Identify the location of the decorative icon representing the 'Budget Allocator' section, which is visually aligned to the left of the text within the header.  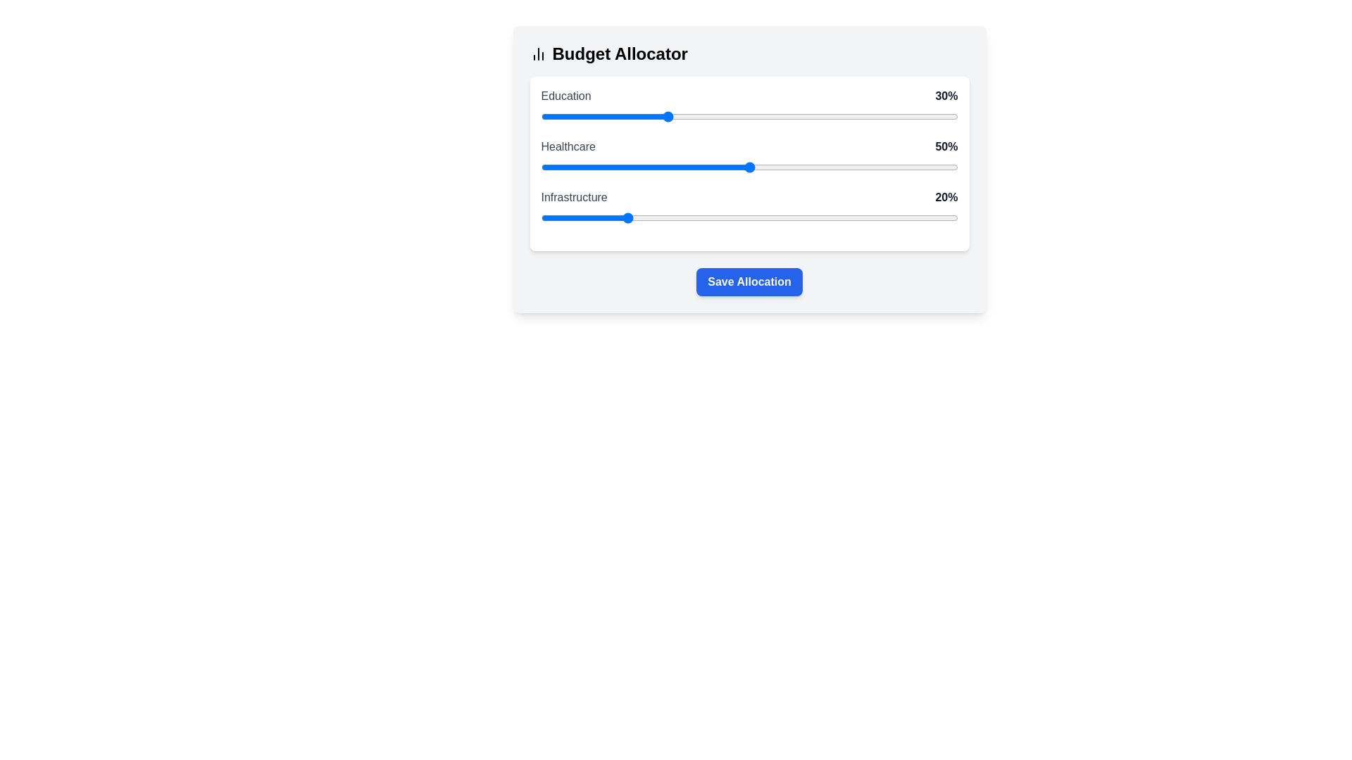
(537, 53).